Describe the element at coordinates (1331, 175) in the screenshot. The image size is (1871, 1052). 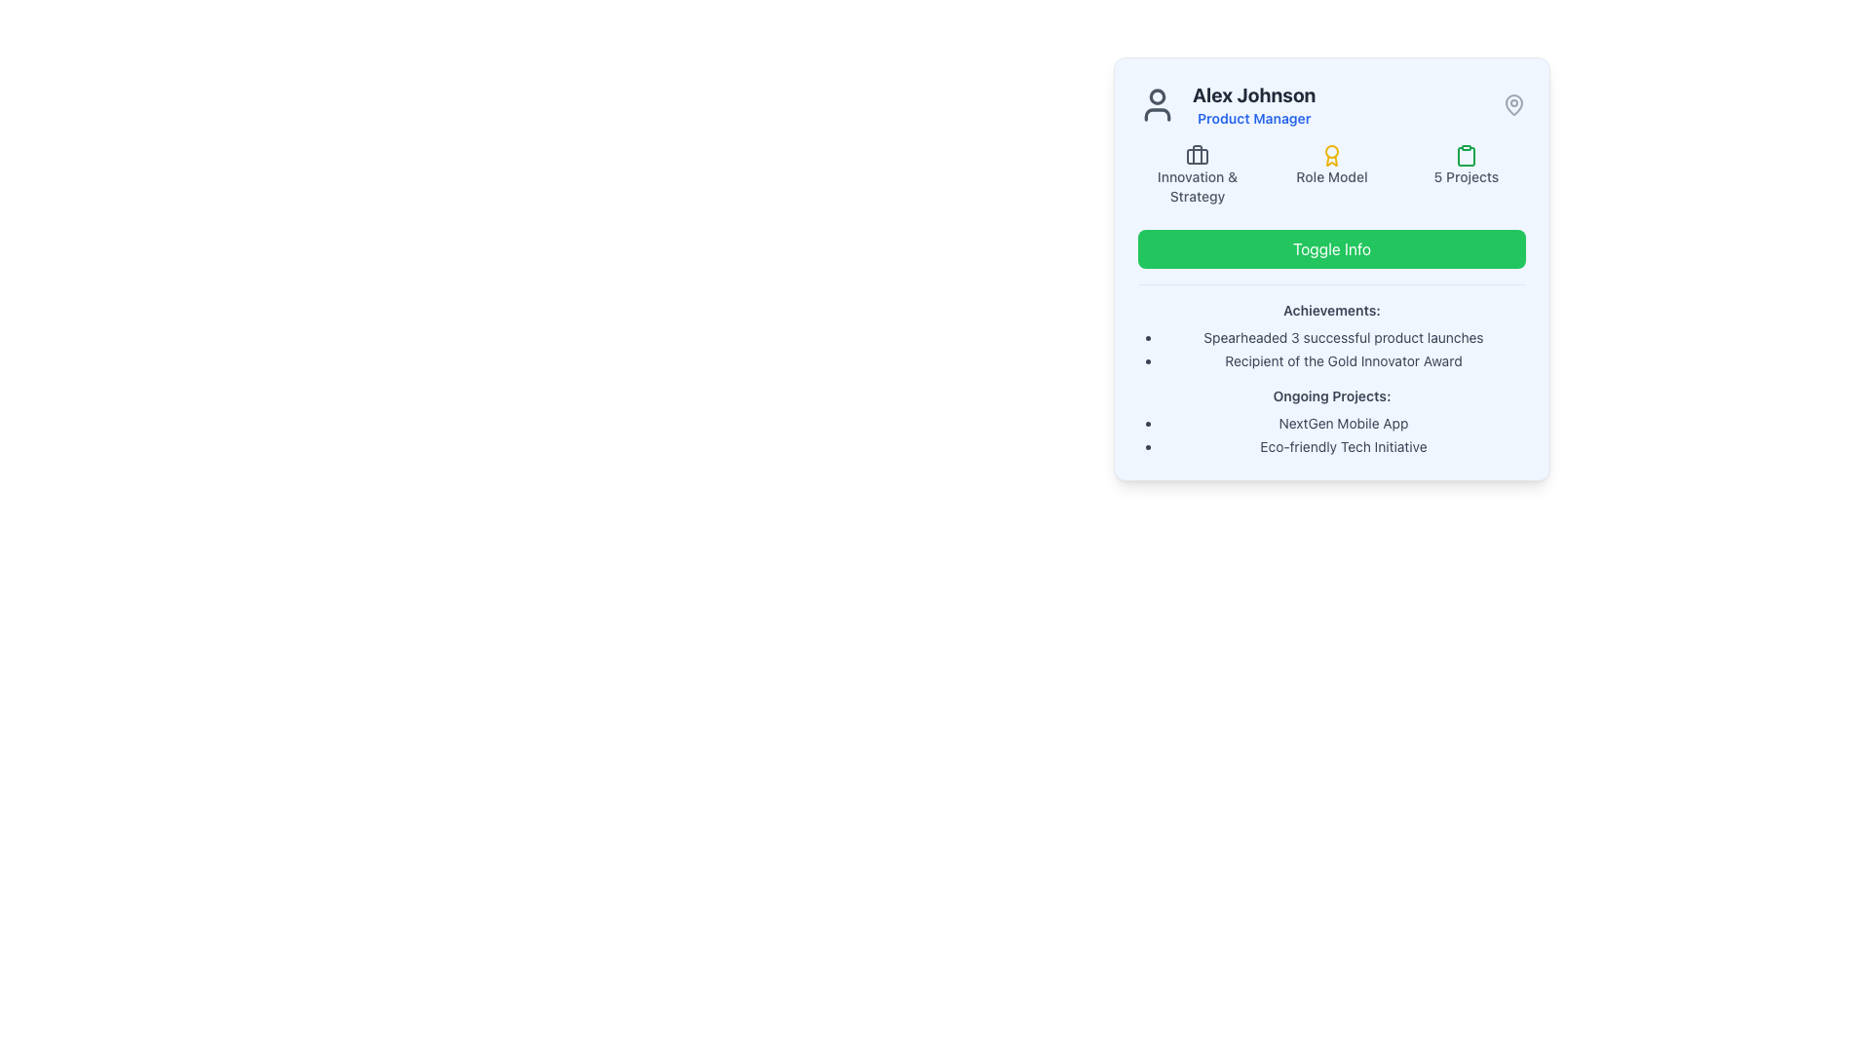
I see `the Icon with label 'Role Model', which features a yellow medal graphic and gray text, located centrally in the card titled 'Alex Johnson'` at that location.